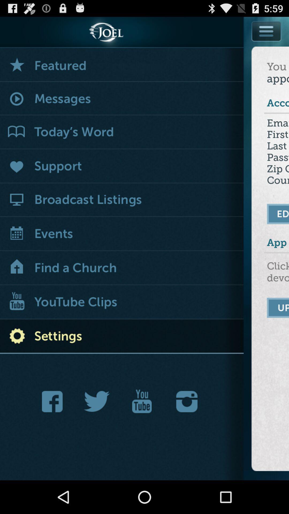  What do you see at coordinates (122, 200) in the screenshot?
I see `broadcast listings` at bounding box center [122, 200].